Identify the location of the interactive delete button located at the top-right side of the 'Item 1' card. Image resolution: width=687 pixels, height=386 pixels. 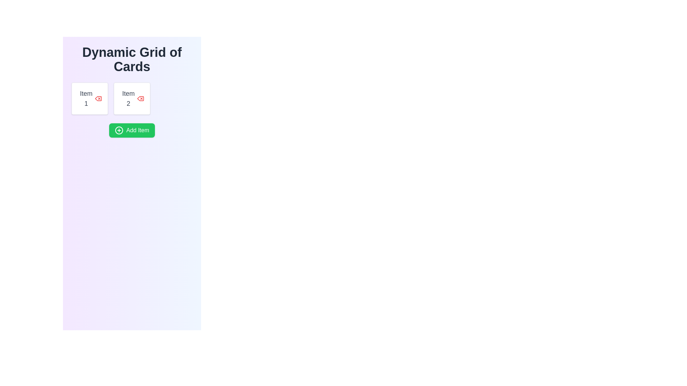
(98, 99).